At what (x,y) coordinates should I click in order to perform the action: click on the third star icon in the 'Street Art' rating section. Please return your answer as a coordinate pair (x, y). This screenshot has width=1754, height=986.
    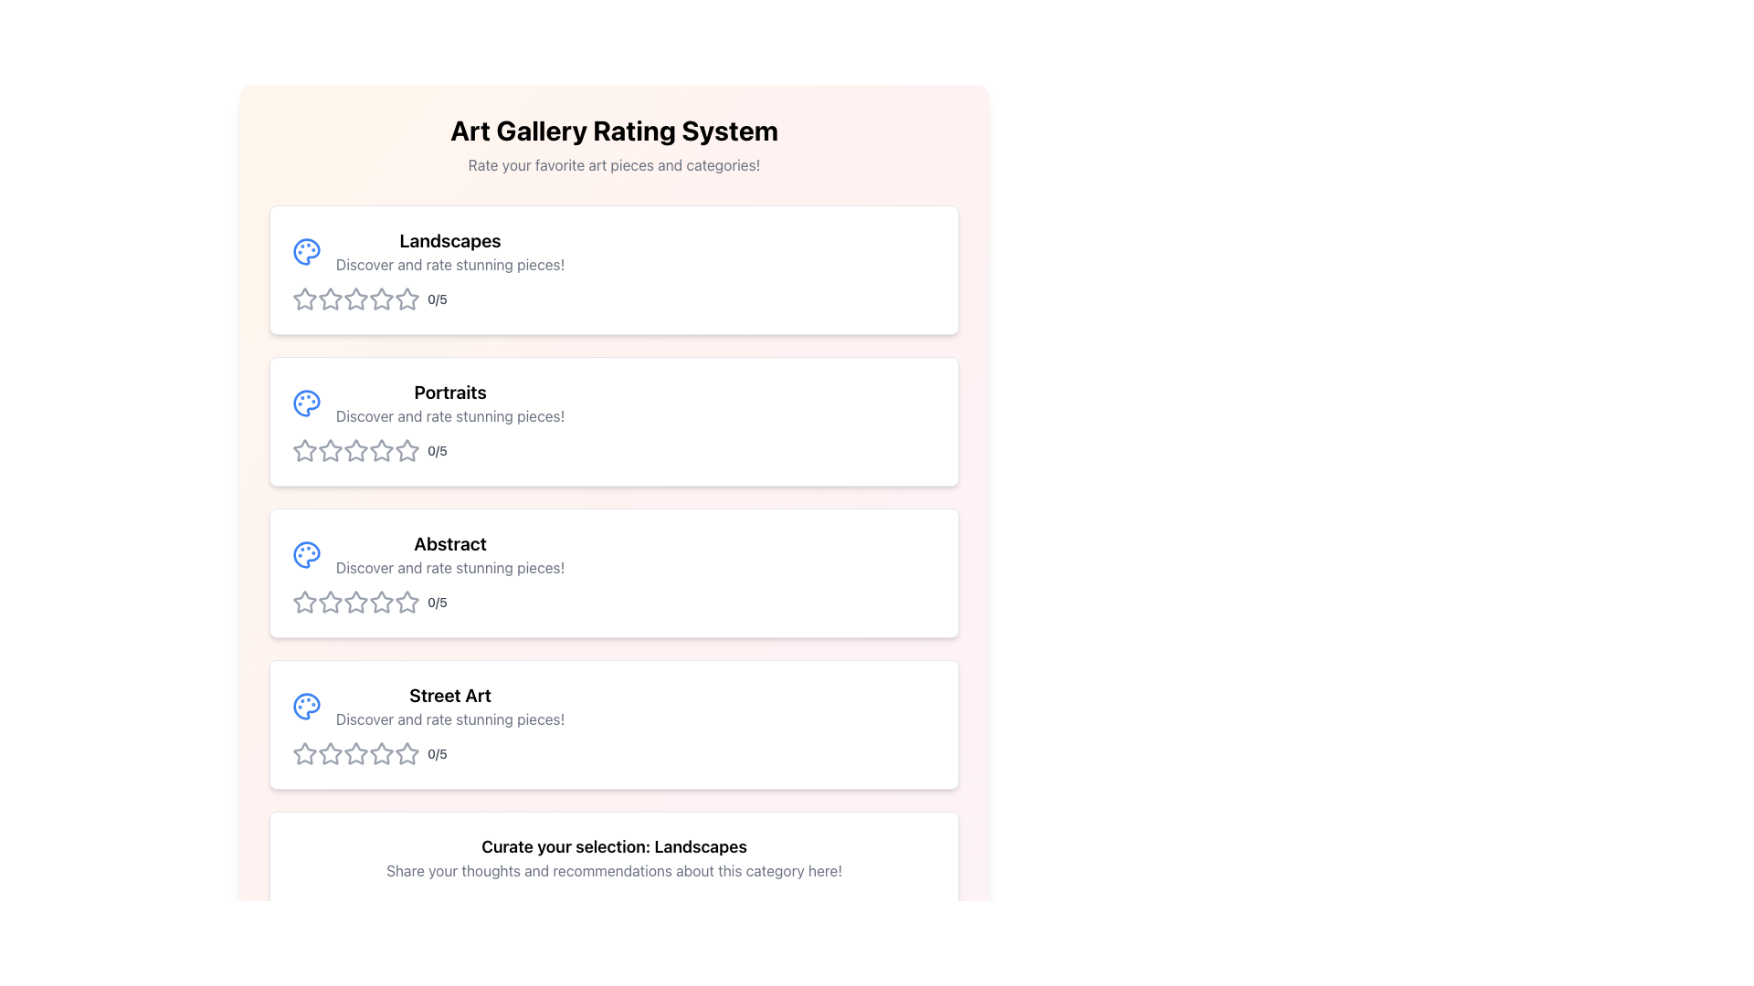
    Looking at the image, I should click on (330, 753).